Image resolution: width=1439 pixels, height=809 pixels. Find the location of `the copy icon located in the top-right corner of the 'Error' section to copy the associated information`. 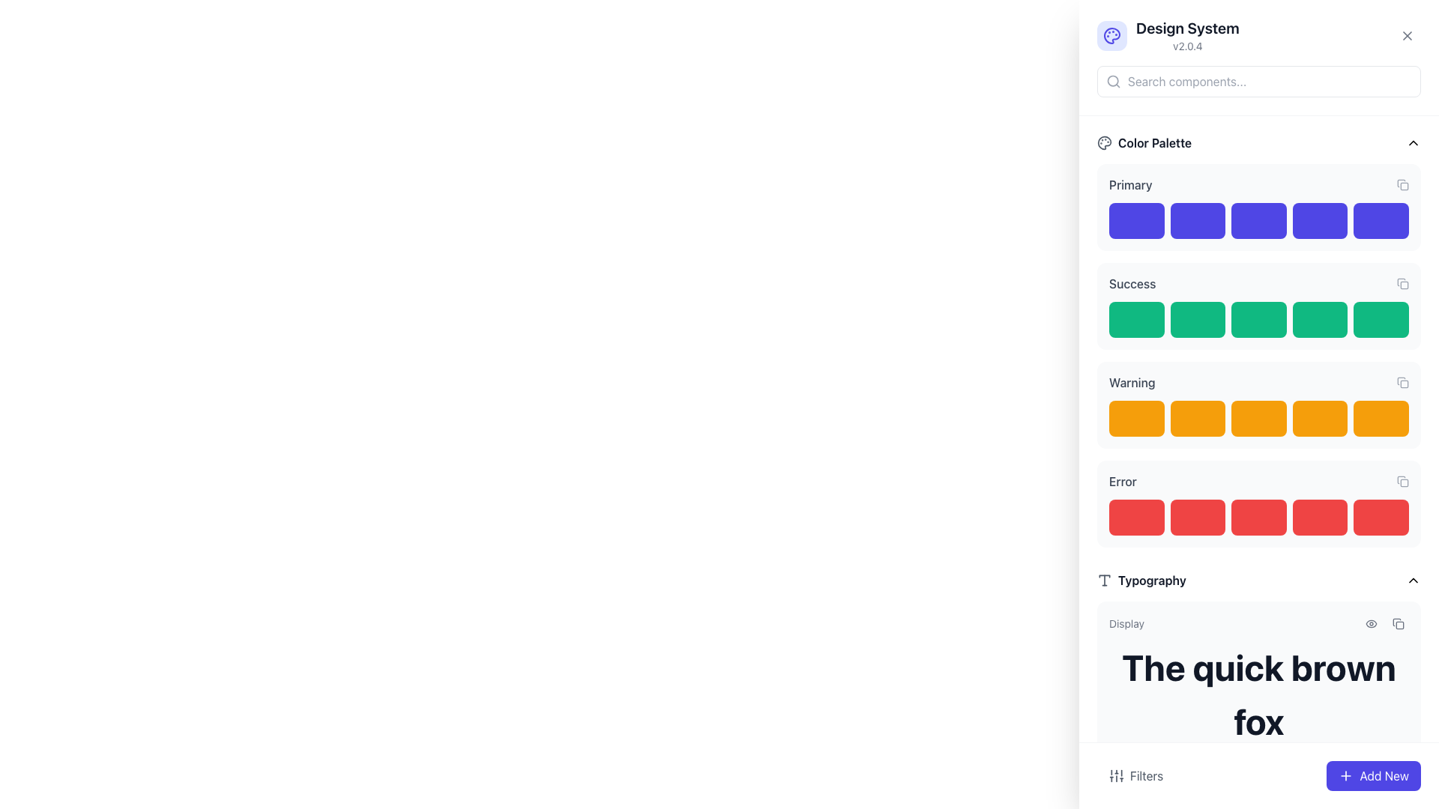

the copy icon located in the top-right corner of the 'Error' section to copy the associated information is located at coordinates (1403, 482).